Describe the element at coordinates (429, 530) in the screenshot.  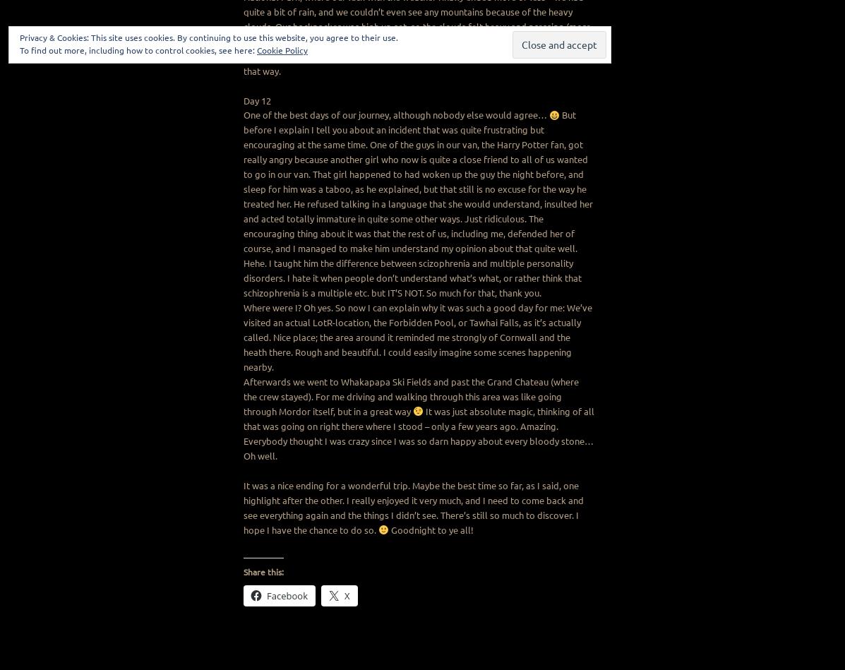
I see `'Goodnight to ye all!'` at that location.